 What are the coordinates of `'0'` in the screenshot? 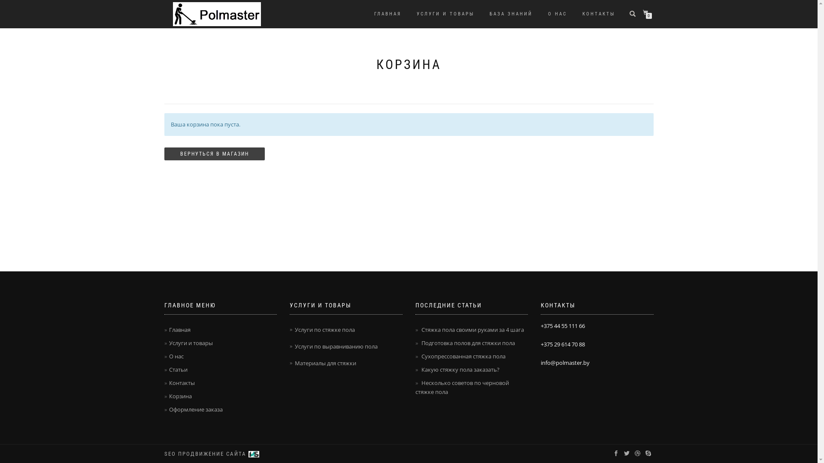 It's located at (647, 13).